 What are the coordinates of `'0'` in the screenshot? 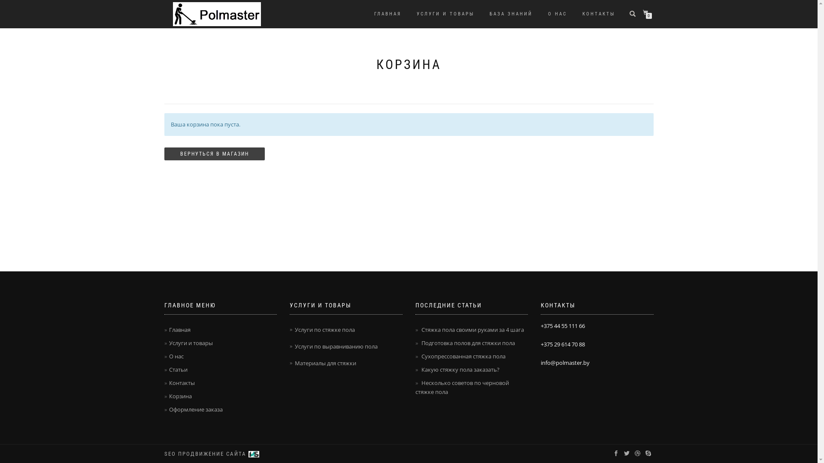 It's located at (647, 13).